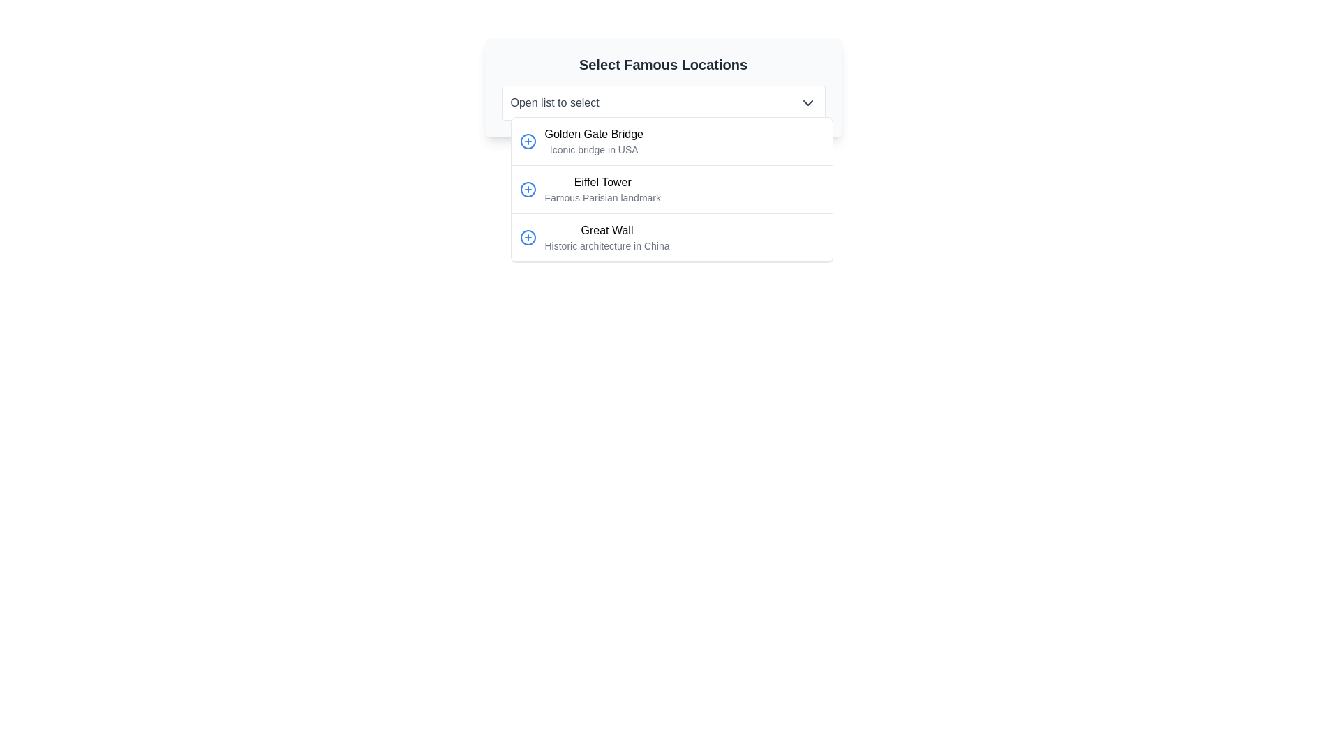  Describe the element at coordinates (594, 150) in the screenshot. I see `the Text Label that provides additional contextual information about 'Golden Gate Bridge', positioned directly beneath it, as the second line of text in the list` at that location.